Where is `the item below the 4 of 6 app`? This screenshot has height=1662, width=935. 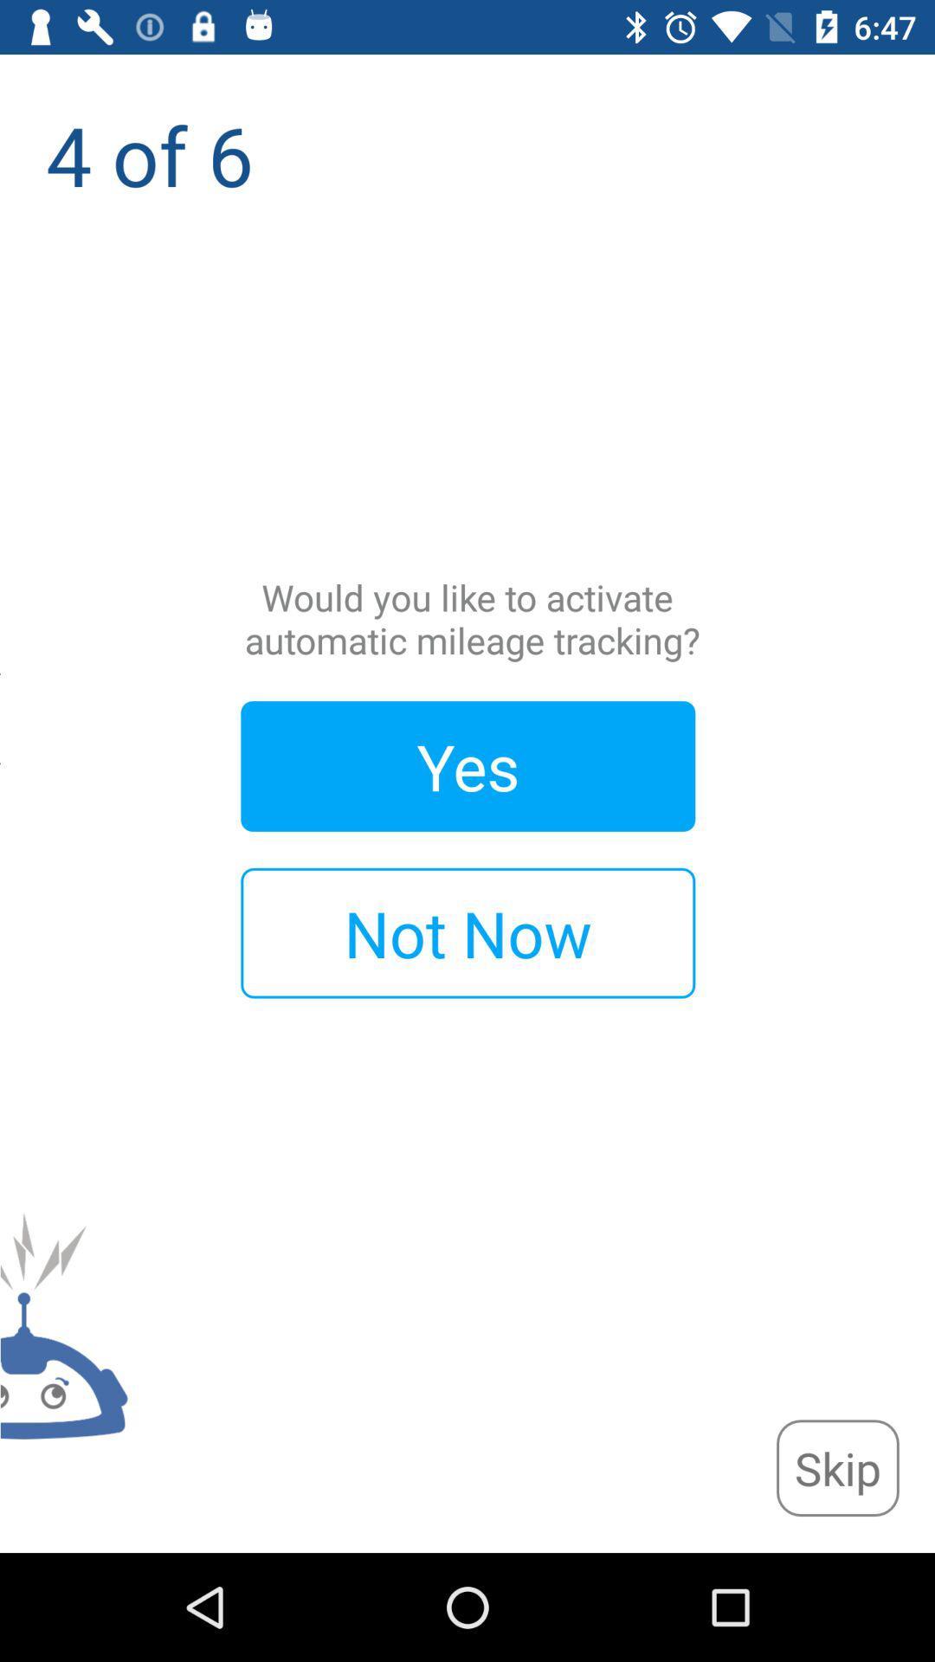
the item below the 4 of 6 app is located at coordinates (836, 1467).